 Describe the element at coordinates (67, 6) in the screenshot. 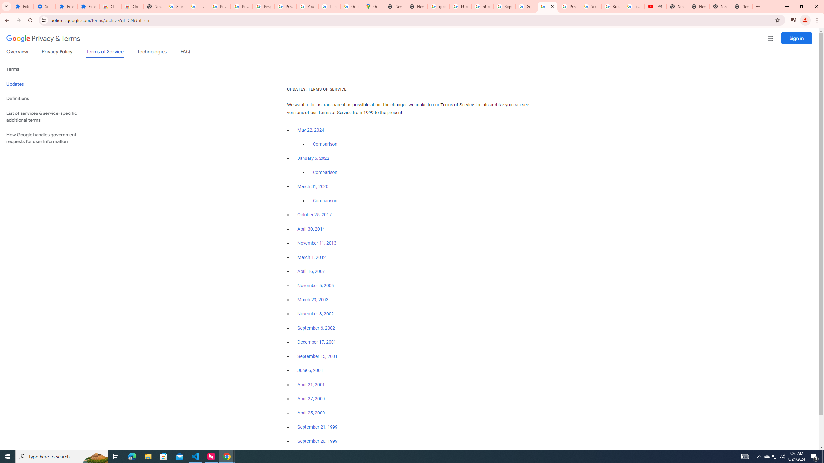

I see `'Extensions'` at that location.